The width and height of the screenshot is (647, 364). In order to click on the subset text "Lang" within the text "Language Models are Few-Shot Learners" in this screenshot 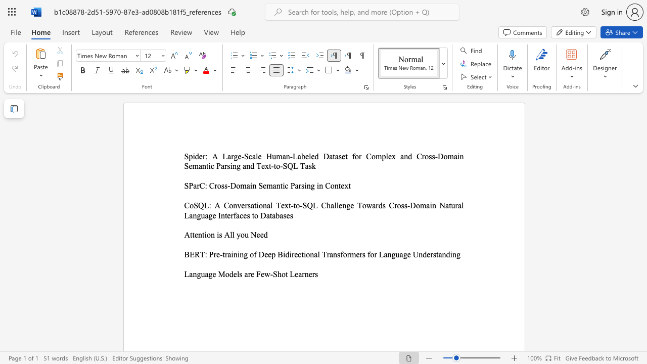, I will do `click(184, 274)`.